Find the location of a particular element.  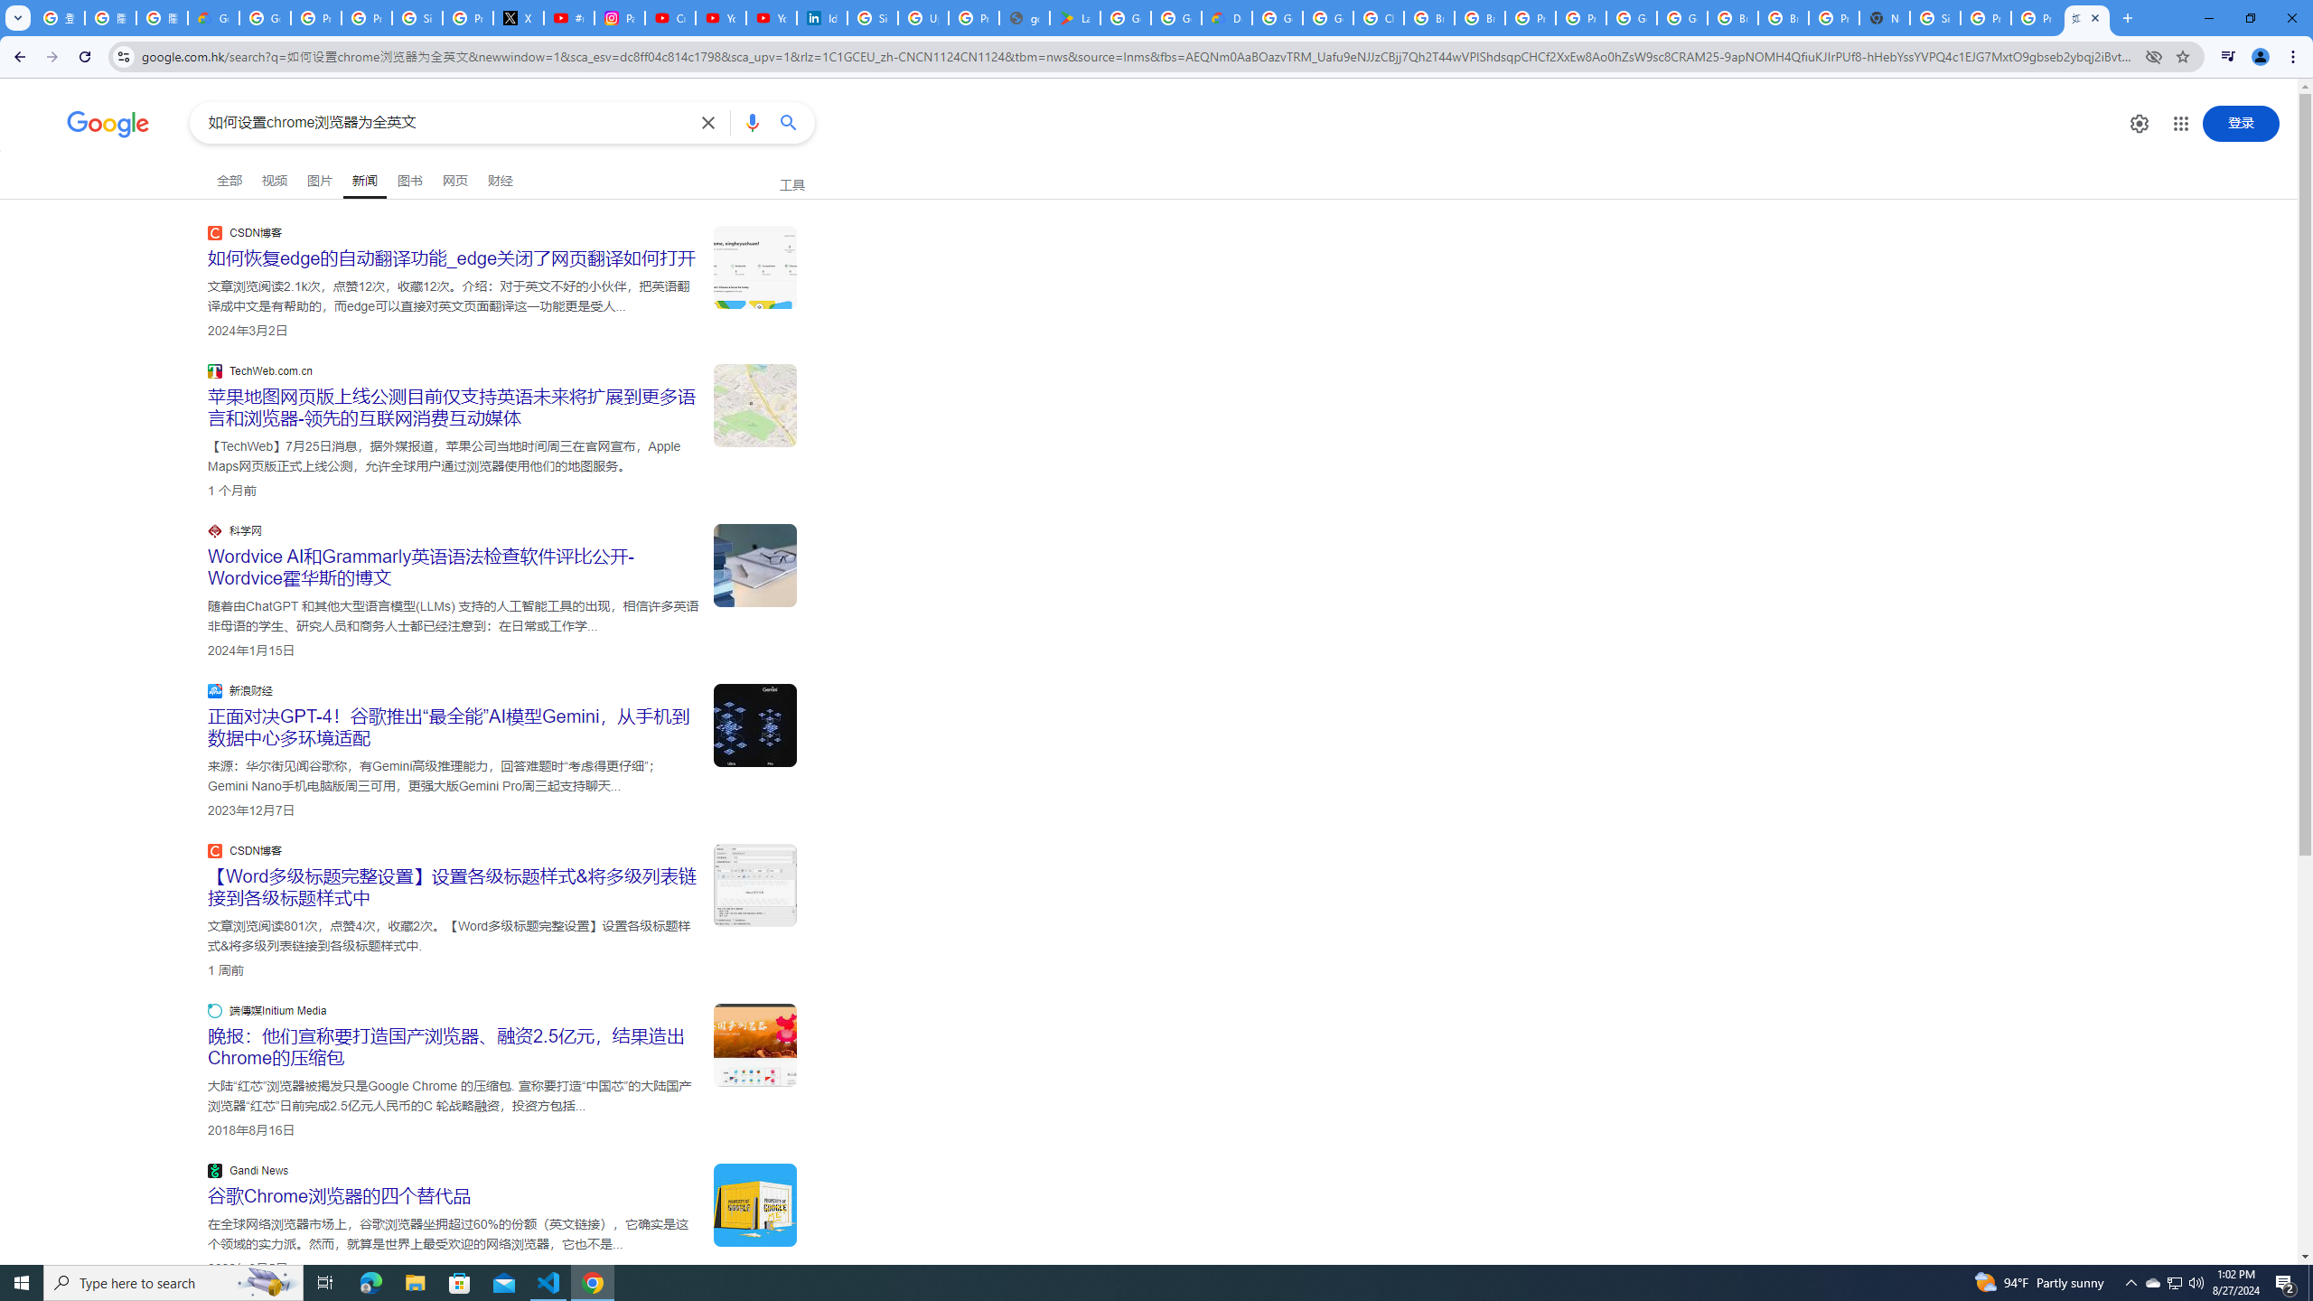

'#nbabasketballhighlights - YouTube' is located at coordinates (570, 17).